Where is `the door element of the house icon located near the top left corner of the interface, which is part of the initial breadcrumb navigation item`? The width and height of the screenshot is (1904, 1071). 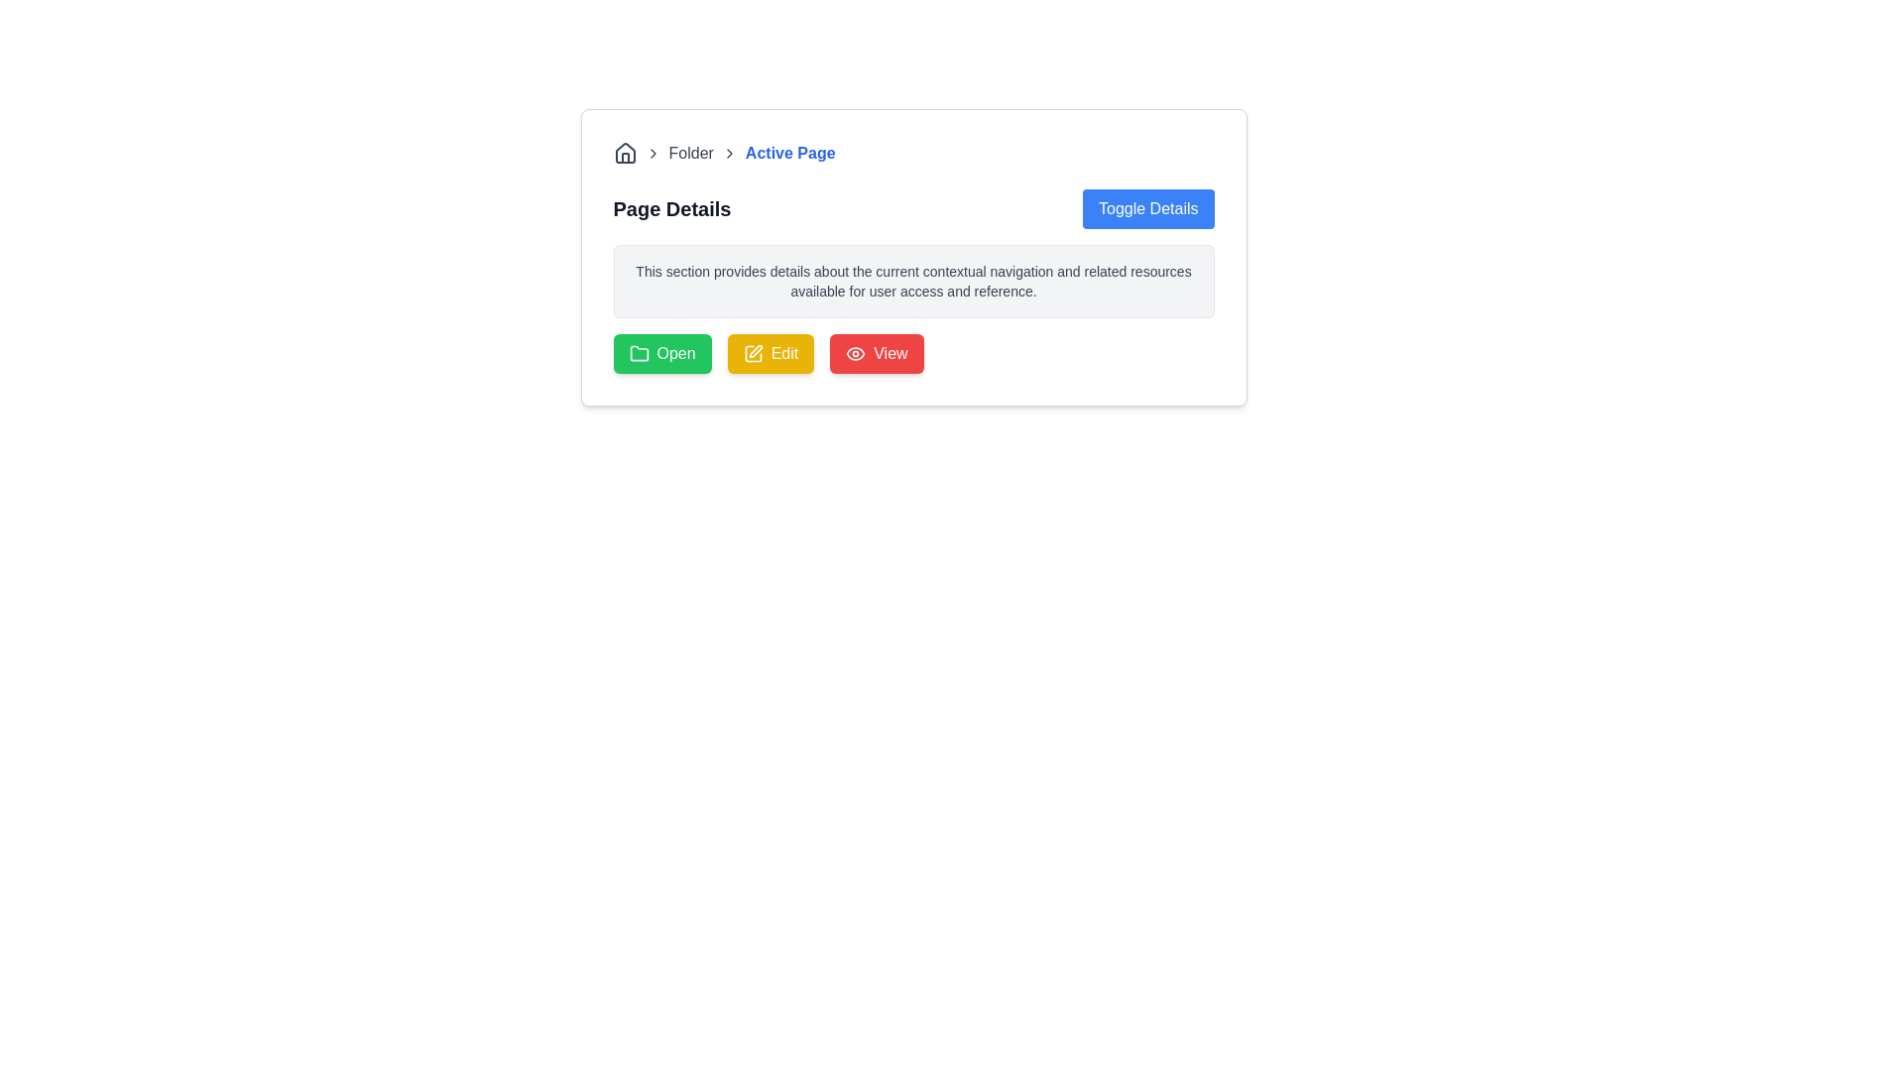 the door element of the house icon located near the top left corner of the interface, which is part of the initial breadcrumb navigation item is located at coordinates (624, 157).